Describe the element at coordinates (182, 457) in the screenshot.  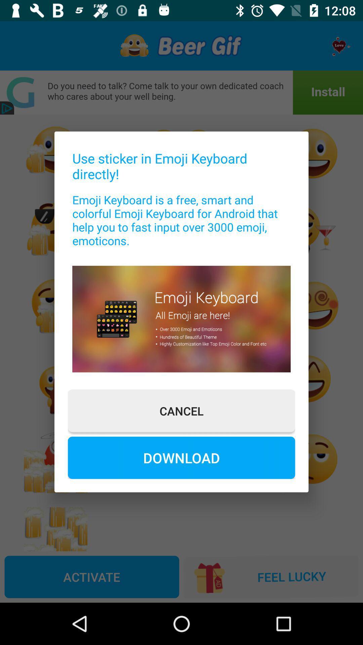
I see `download at the bottom` at that location.